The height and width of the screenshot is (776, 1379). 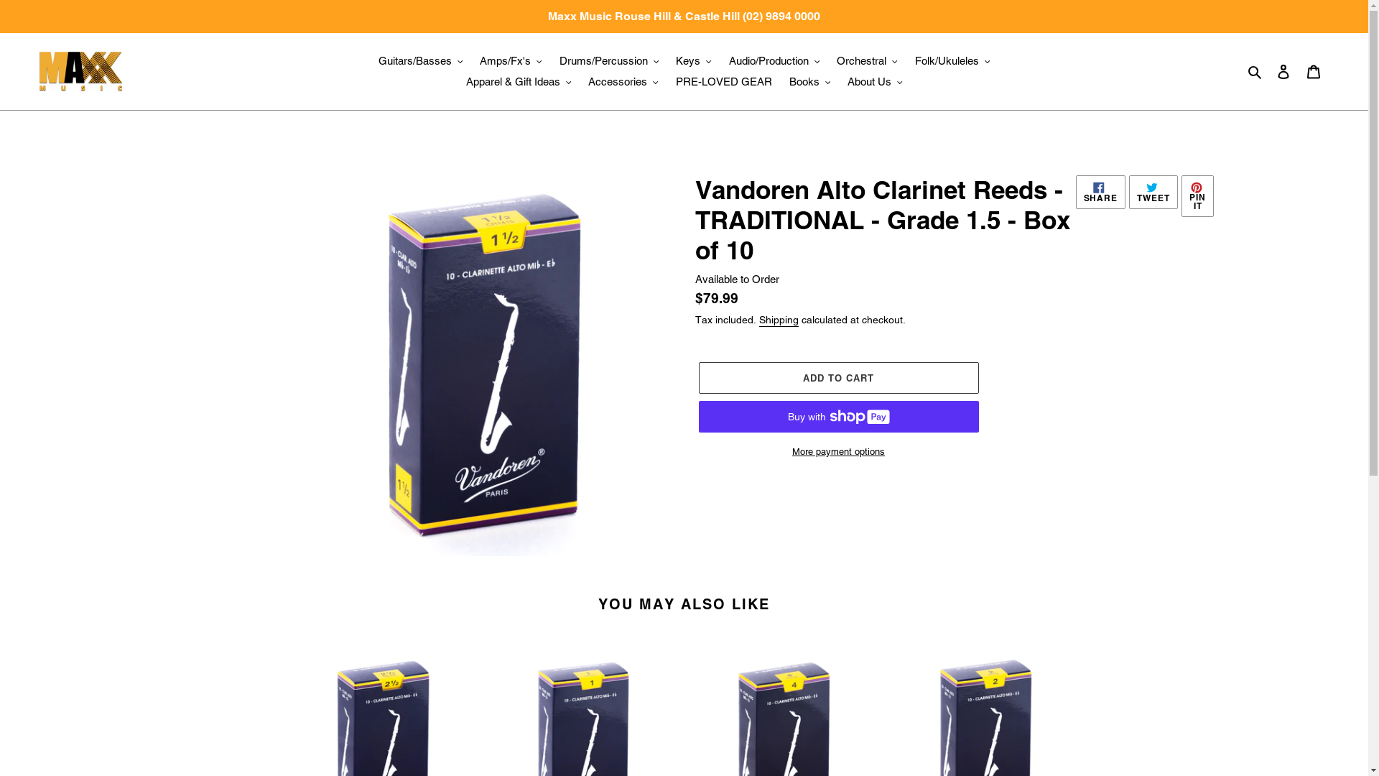 What do you see at coordinates (777, 320) in the screenshot?
I see `'Shipping'` at bounding box center [777, 320].